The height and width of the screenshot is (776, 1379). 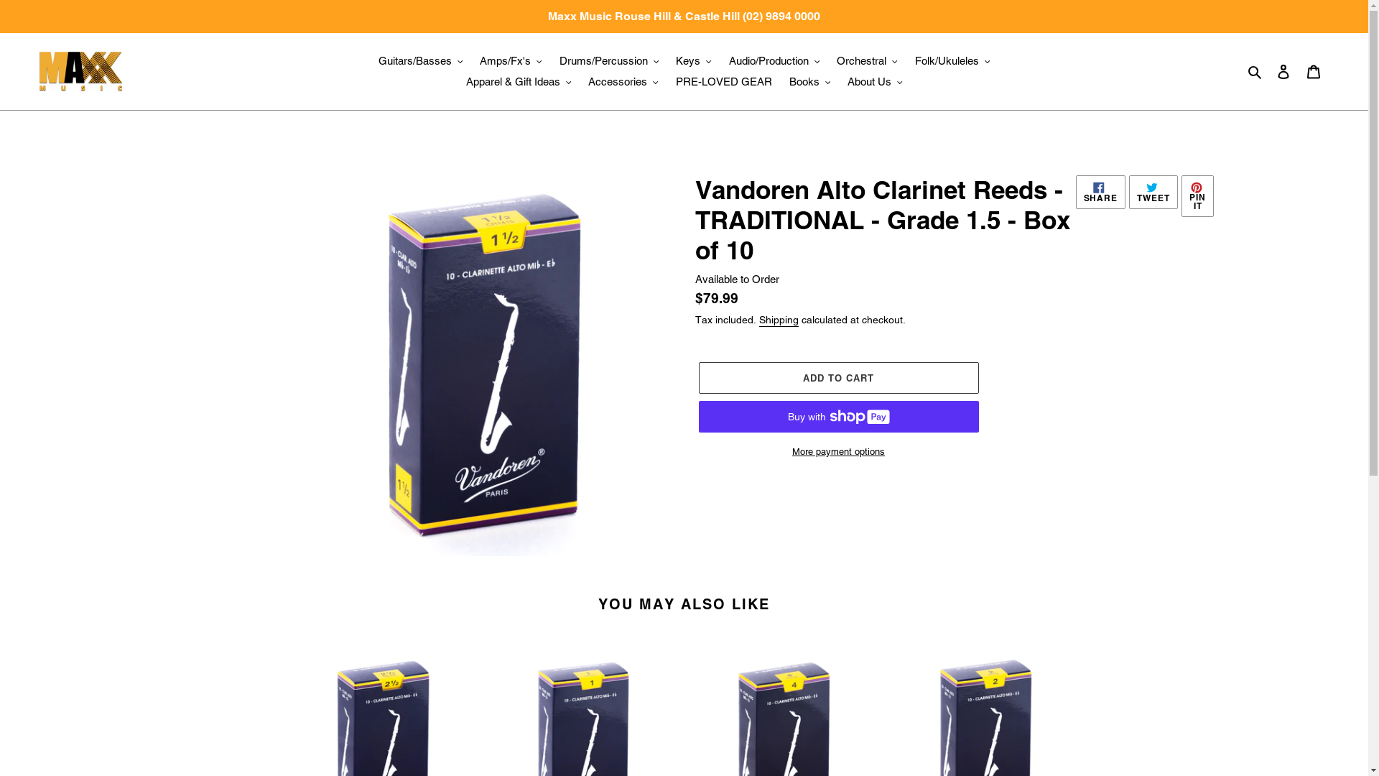 What do you see at coordinates (777, 320) in the screenshot?
I see `'Shipping'` at bounding box center [777, 320].